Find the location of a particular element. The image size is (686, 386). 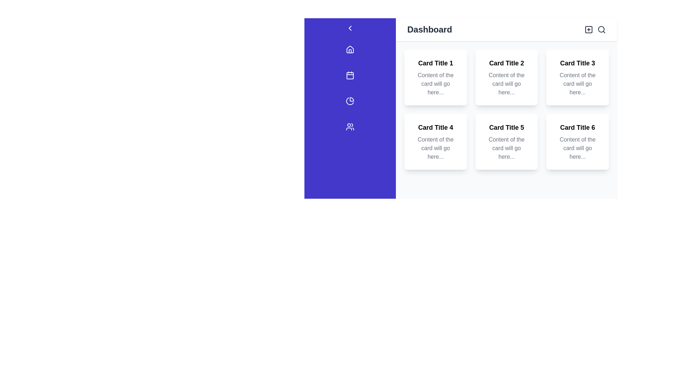

the SVG-based chevron arrow icon located at the top of the sidebar menu, which functions as a navigation button is located at coordinates (350, 28).